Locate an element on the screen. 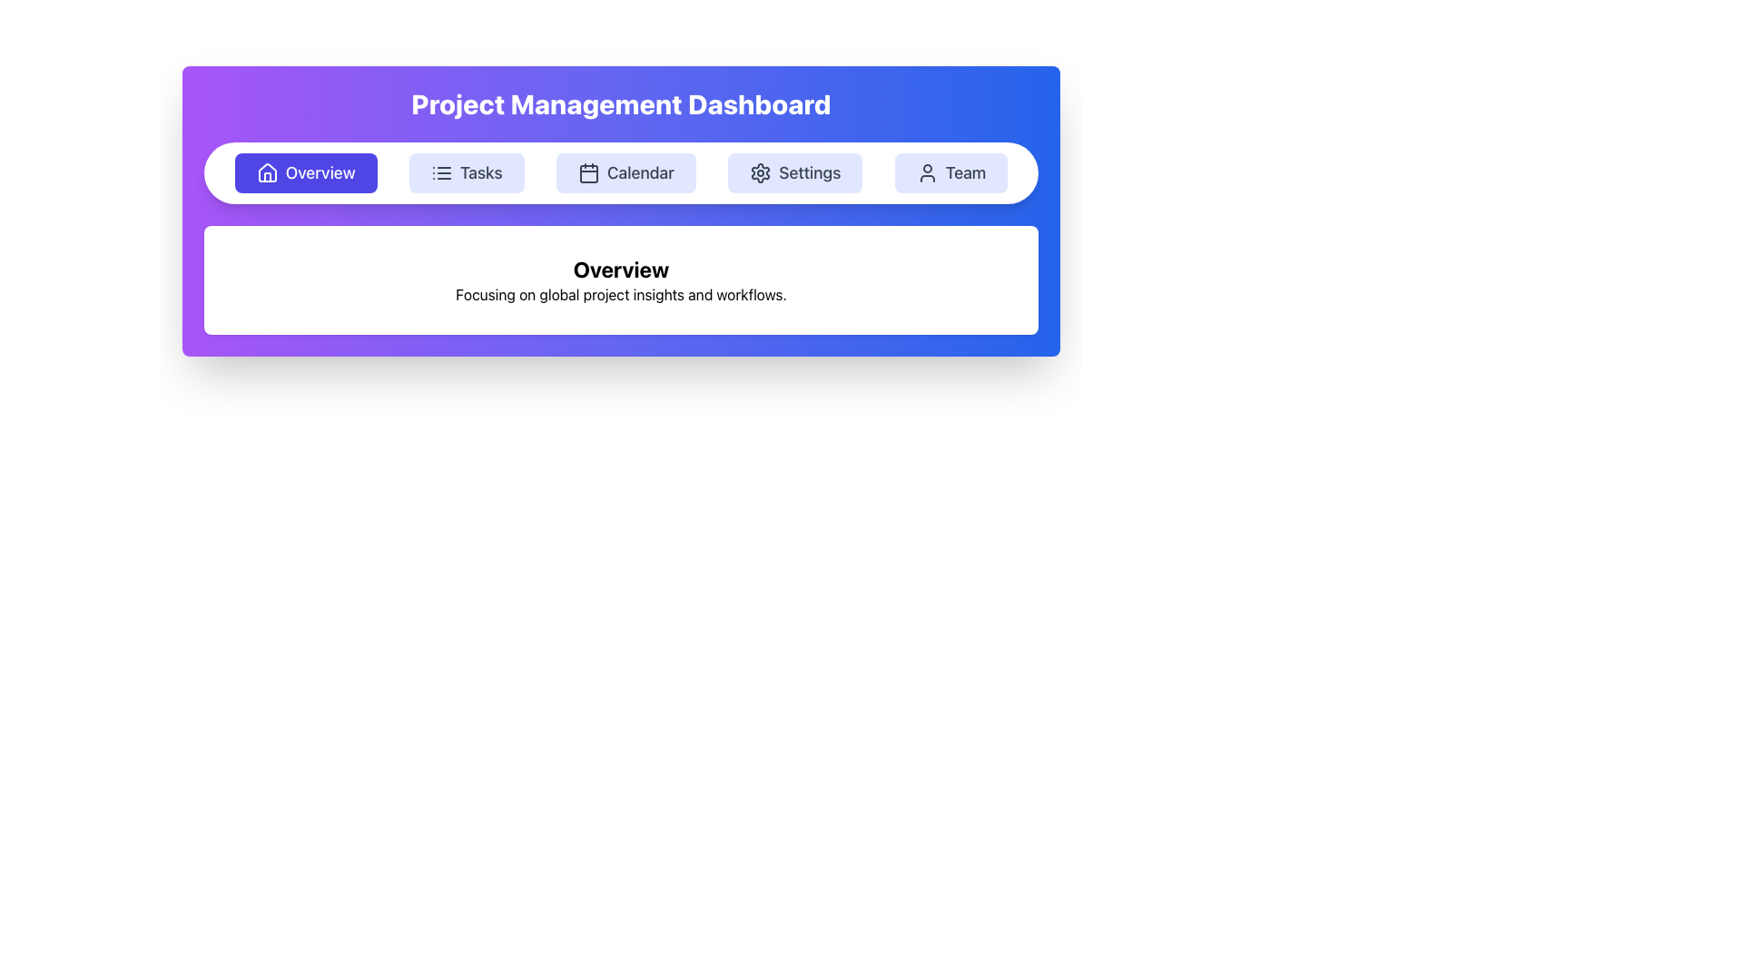 The image size is (1743, 980). the small icon resembling a list, which is located within the 'Tasks' button, adjacent to the 'Overview' button on the left is located at coordinates (441, 173).